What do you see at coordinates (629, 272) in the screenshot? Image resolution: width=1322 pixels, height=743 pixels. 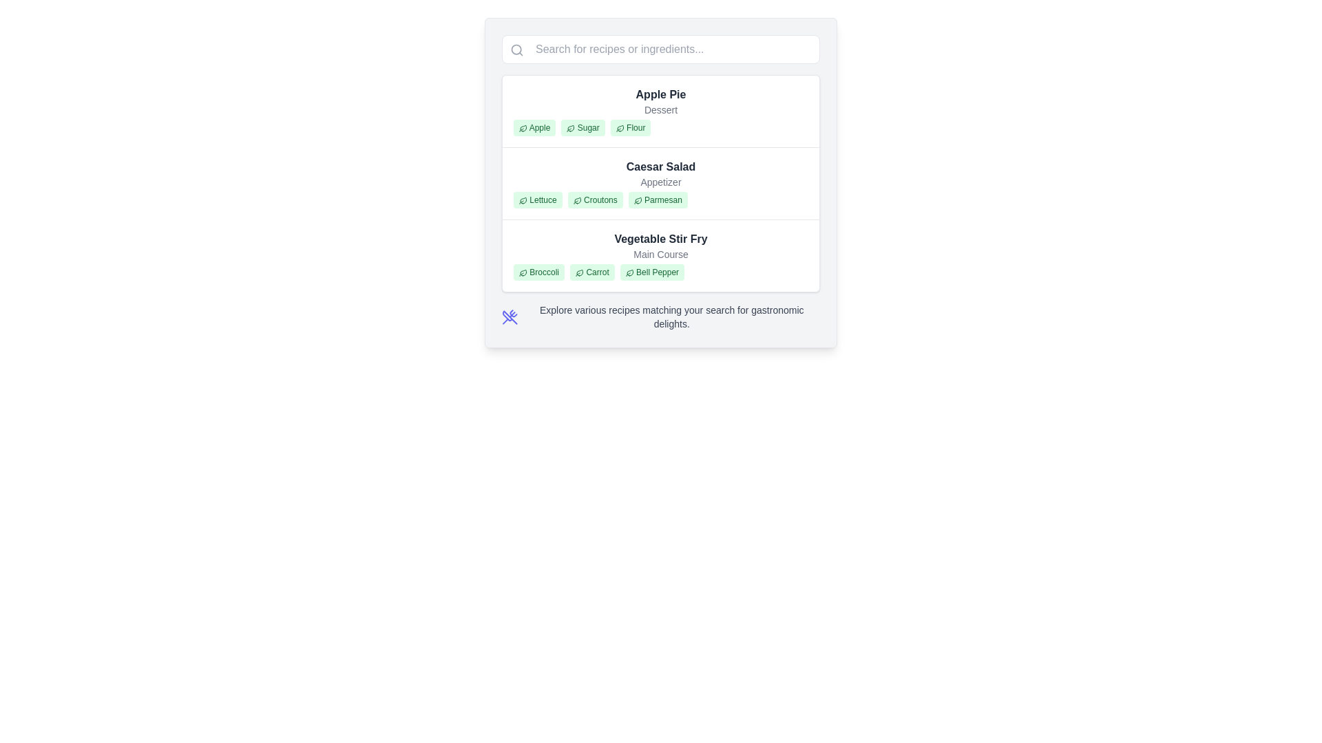 I see `the vector graphic icon representing a food-related item, located in the third row under 'Vegetable Stir Fry'` at bounding box center [629, 272].